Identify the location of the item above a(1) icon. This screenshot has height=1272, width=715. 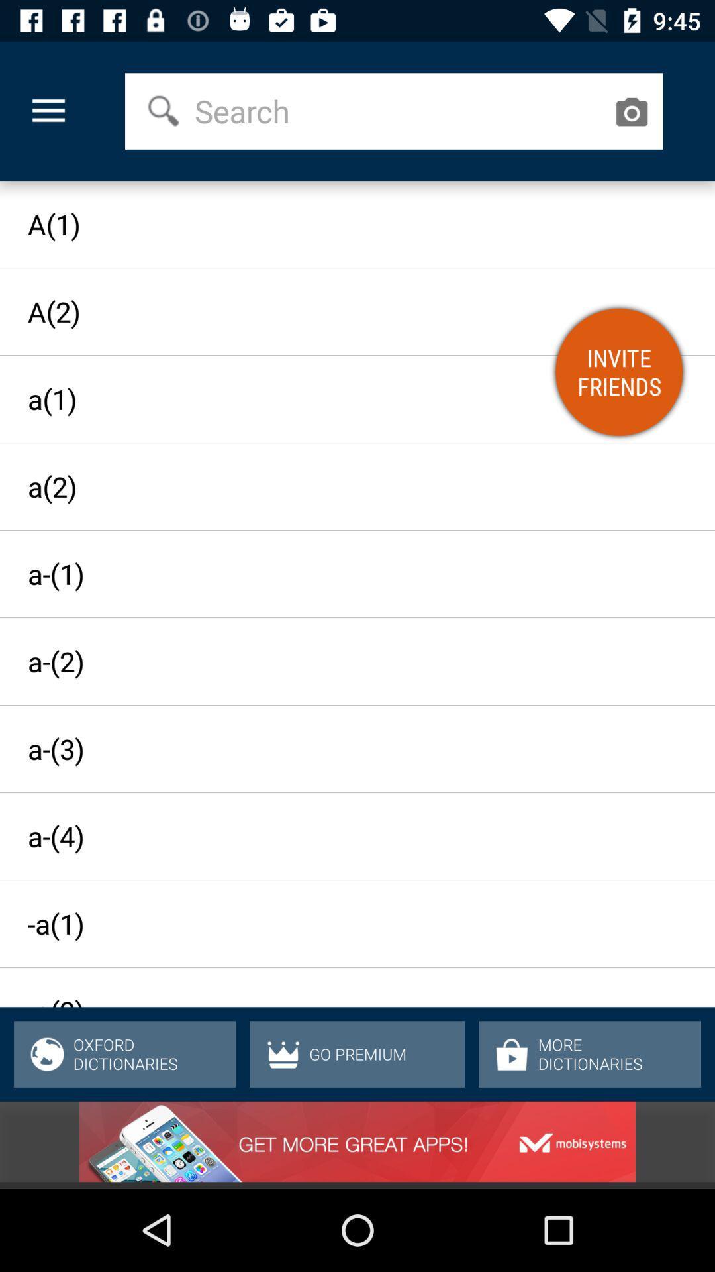
(398, 111).